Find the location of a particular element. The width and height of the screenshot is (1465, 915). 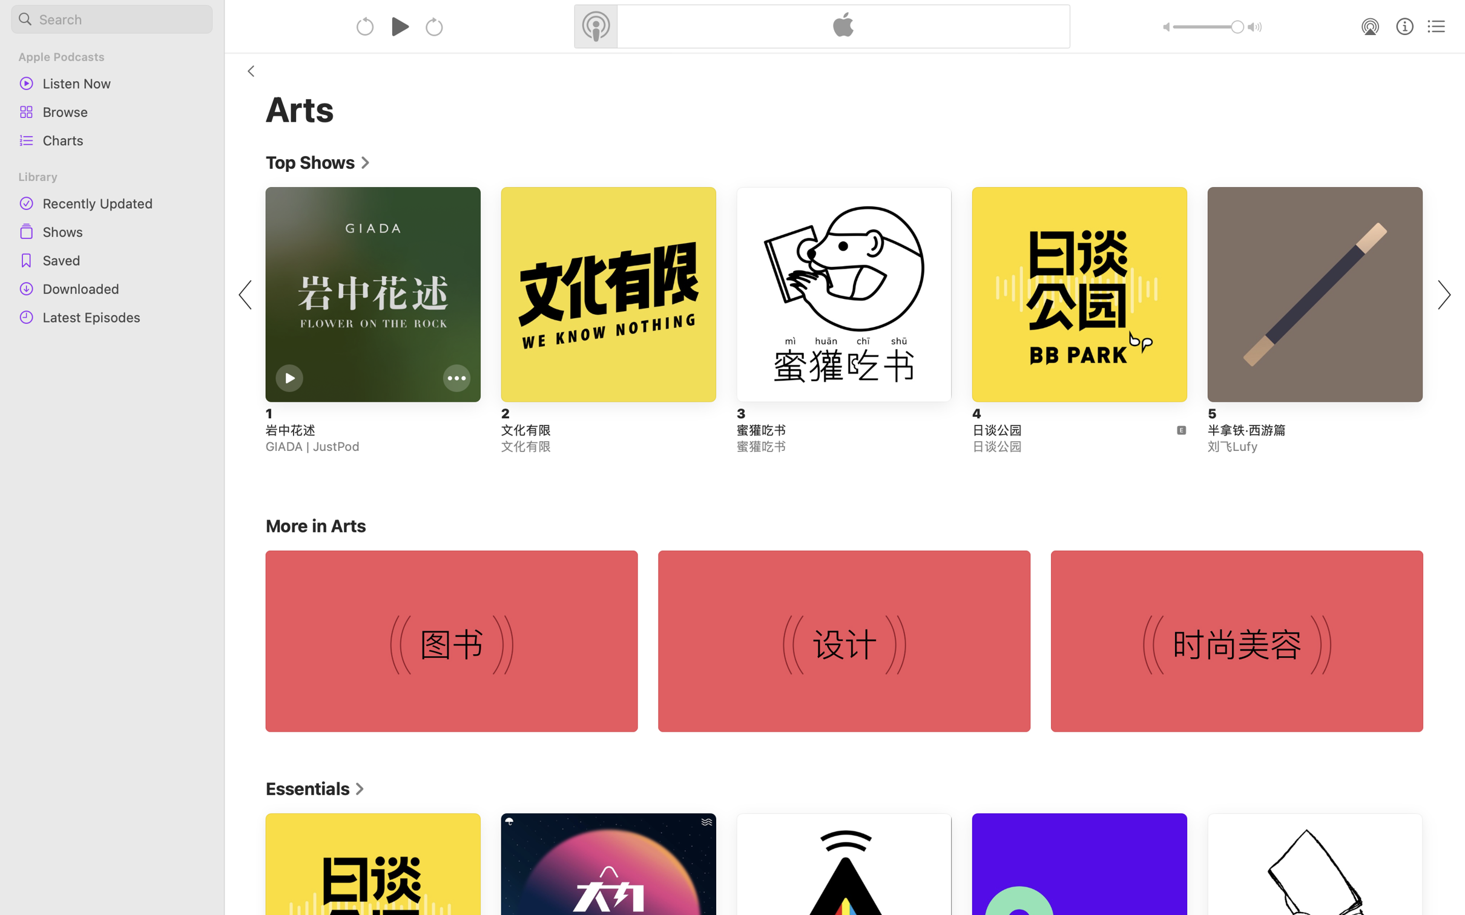

'1.0' is located at coordinates (1208, 27).